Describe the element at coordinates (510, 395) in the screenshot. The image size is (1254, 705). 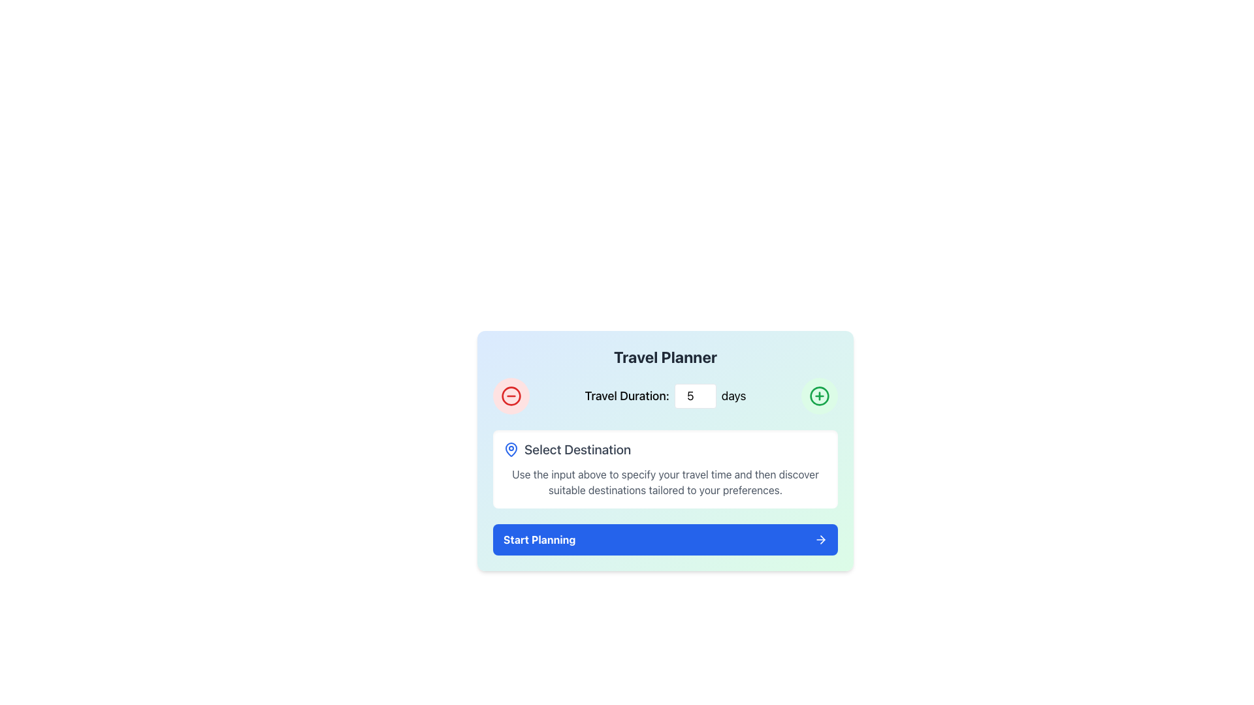
I see `the button located to the left of the 'Travel Duration: 5 days' input field to decrease the travel duration value` at that location.